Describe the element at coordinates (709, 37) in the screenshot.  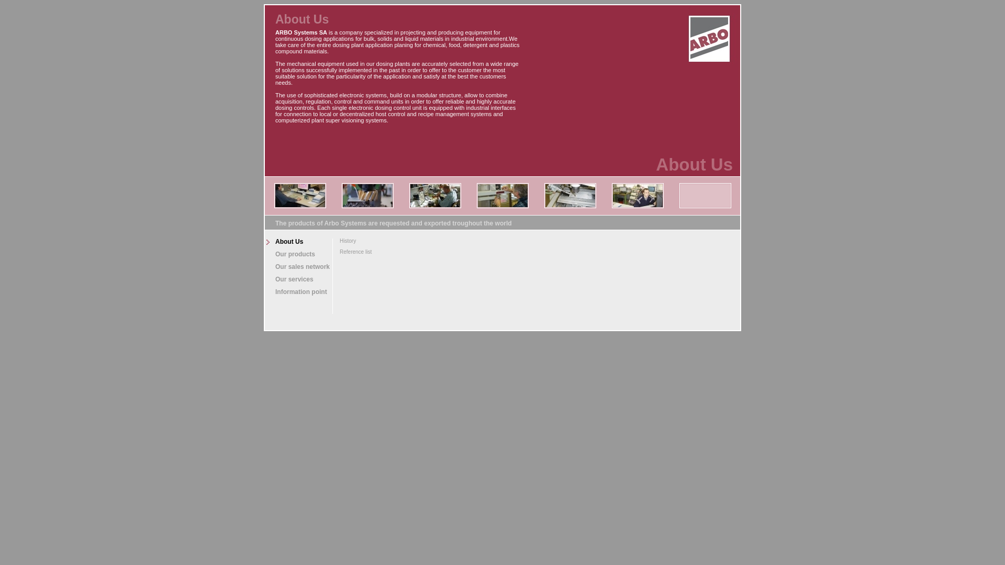
I see `' '` at that location.